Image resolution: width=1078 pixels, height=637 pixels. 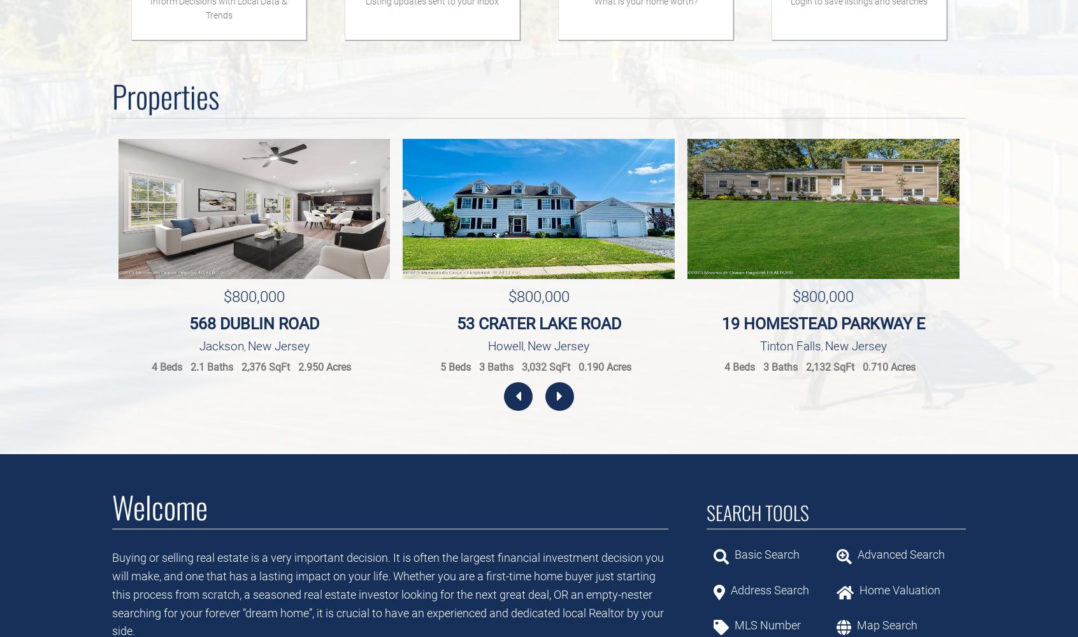 What do you see at coordinates (454, 366) in the screenshot?
I see `'5 Beds'` at bounding box center [454, 366].